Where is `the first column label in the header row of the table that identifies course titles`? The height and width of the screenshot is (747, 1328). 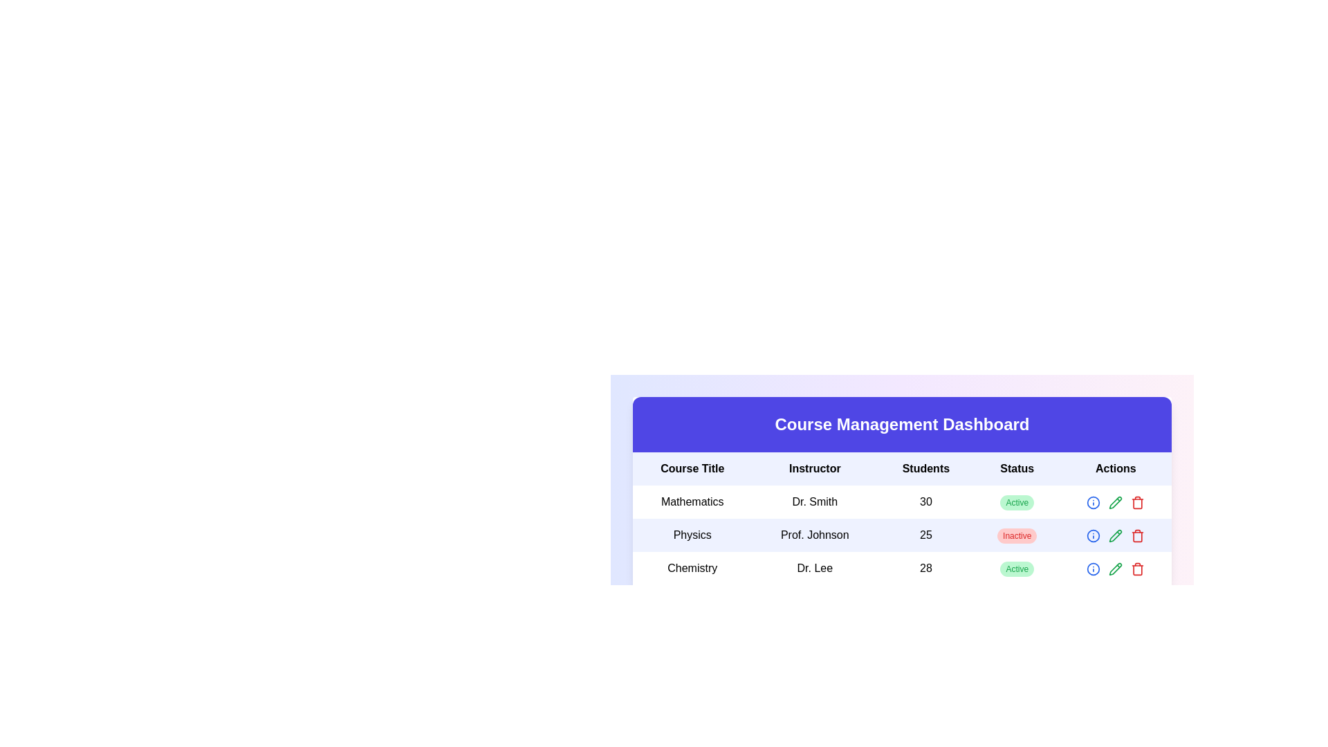
the first column label in the header row of the table that identifies course titles is located at coordinates (692, 468).